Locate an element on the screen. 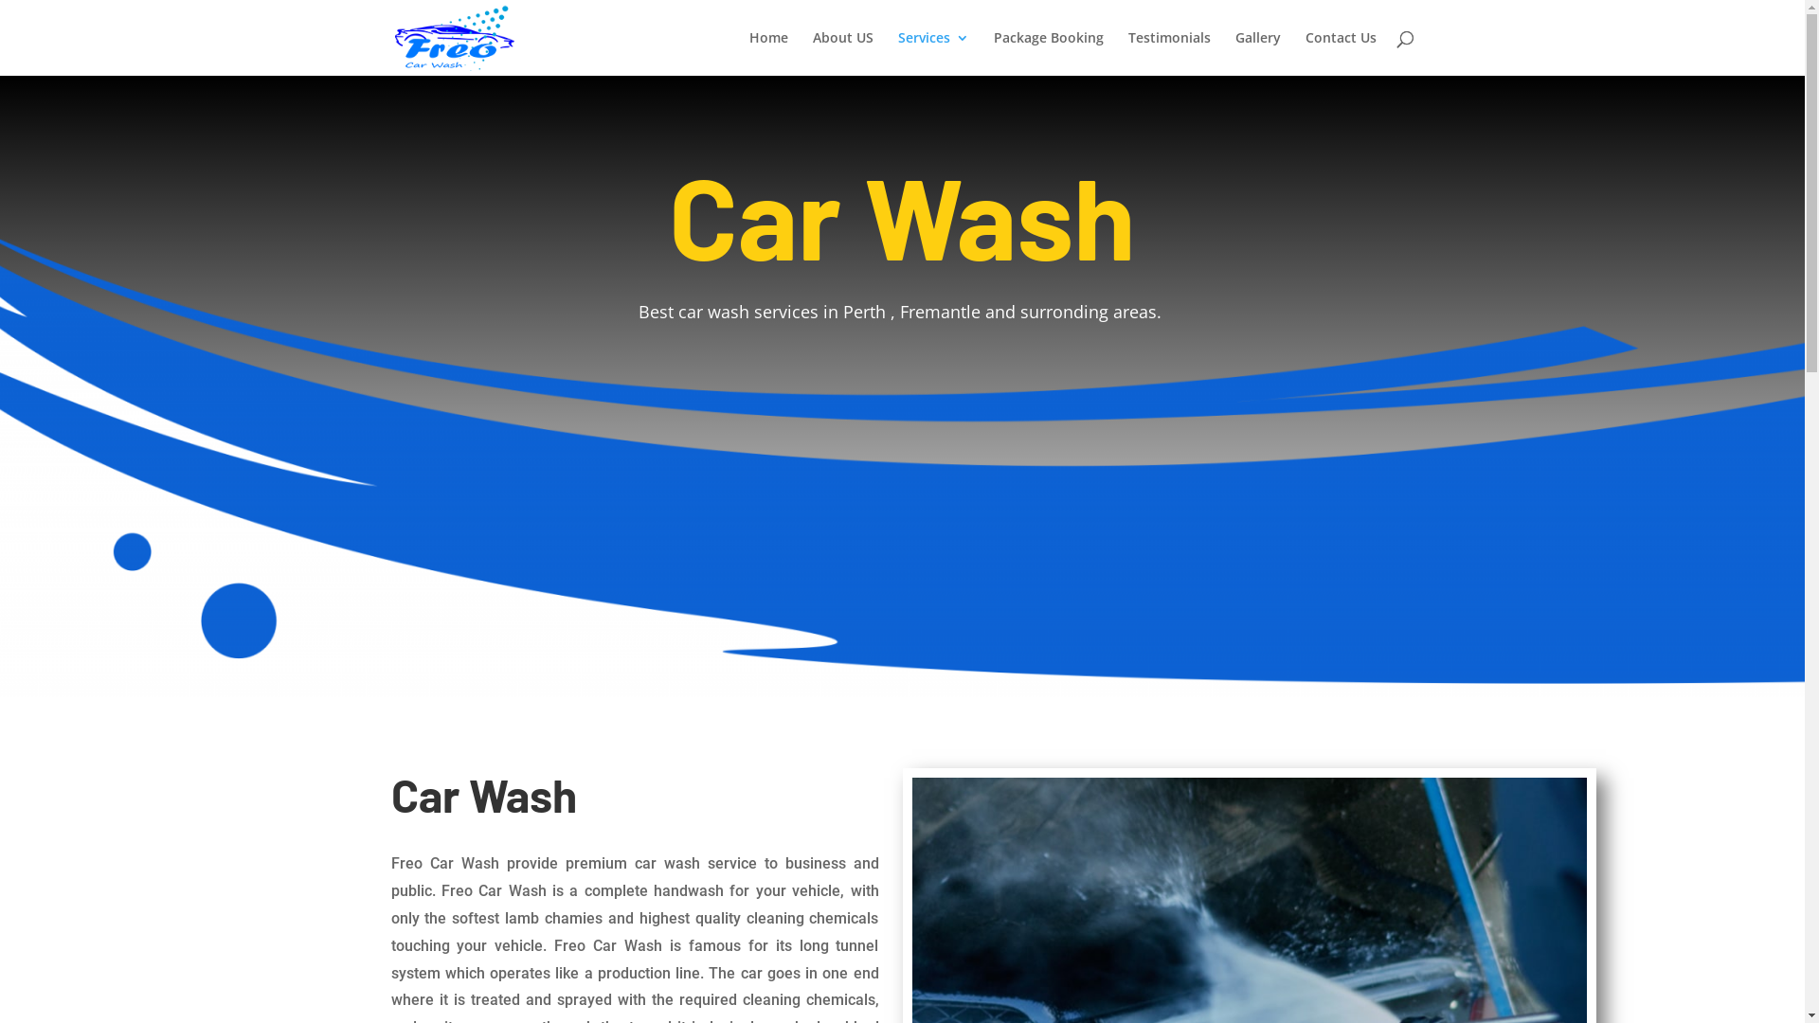 The height and width of the screenshot is (1023, 1819). 'Package Booking' is located at coordinates (1046, 52).